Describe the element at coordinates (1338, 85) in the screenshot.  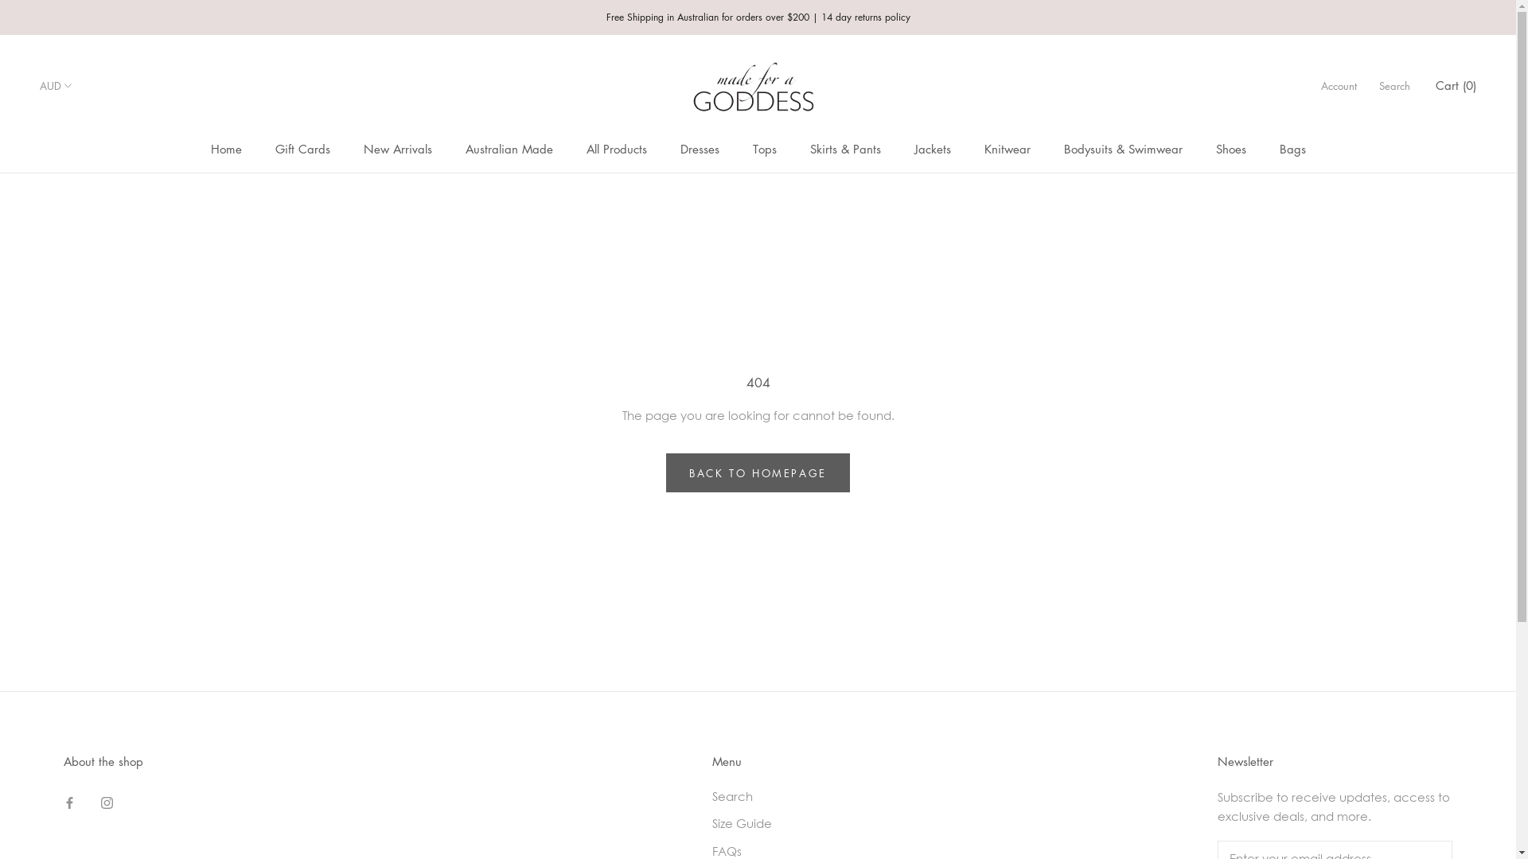
I see `'Account'` at that location.